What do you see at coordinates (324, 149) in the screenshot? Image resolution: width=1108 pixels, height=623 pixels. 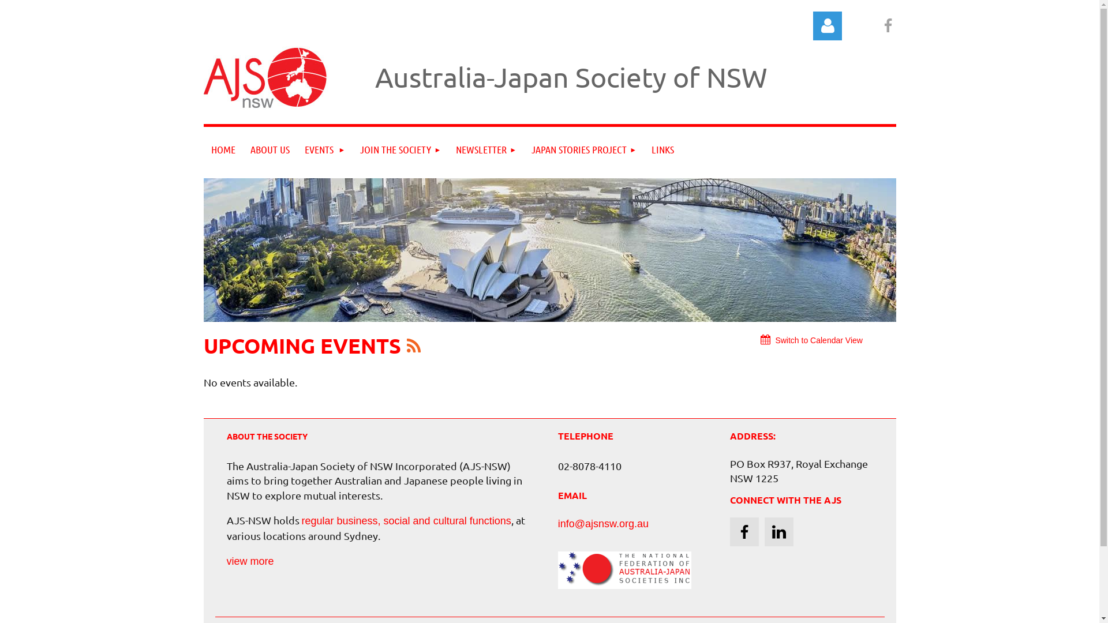 I see `'EVENTS'` at bounding box center [324, 149].